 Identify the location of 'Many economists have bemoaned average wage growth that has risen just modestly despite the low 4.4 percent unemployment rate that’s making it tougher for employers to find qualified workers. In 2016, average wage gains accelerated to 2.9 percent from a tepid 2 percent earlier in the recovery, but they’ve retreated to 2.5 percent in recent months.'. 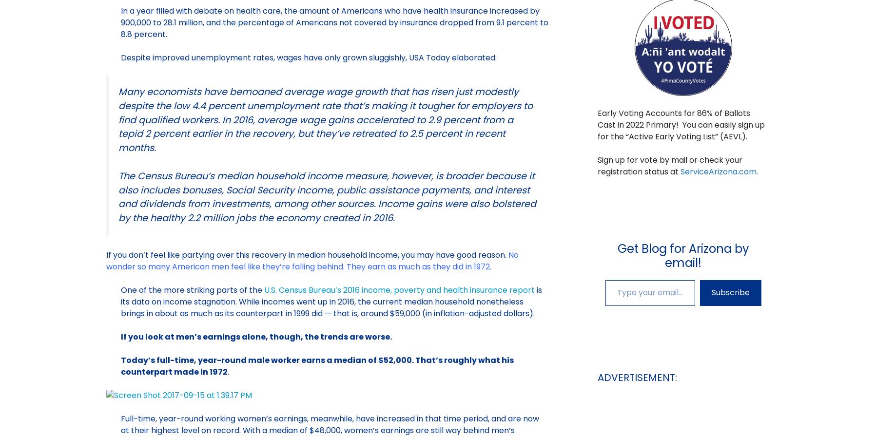
(117, 119).